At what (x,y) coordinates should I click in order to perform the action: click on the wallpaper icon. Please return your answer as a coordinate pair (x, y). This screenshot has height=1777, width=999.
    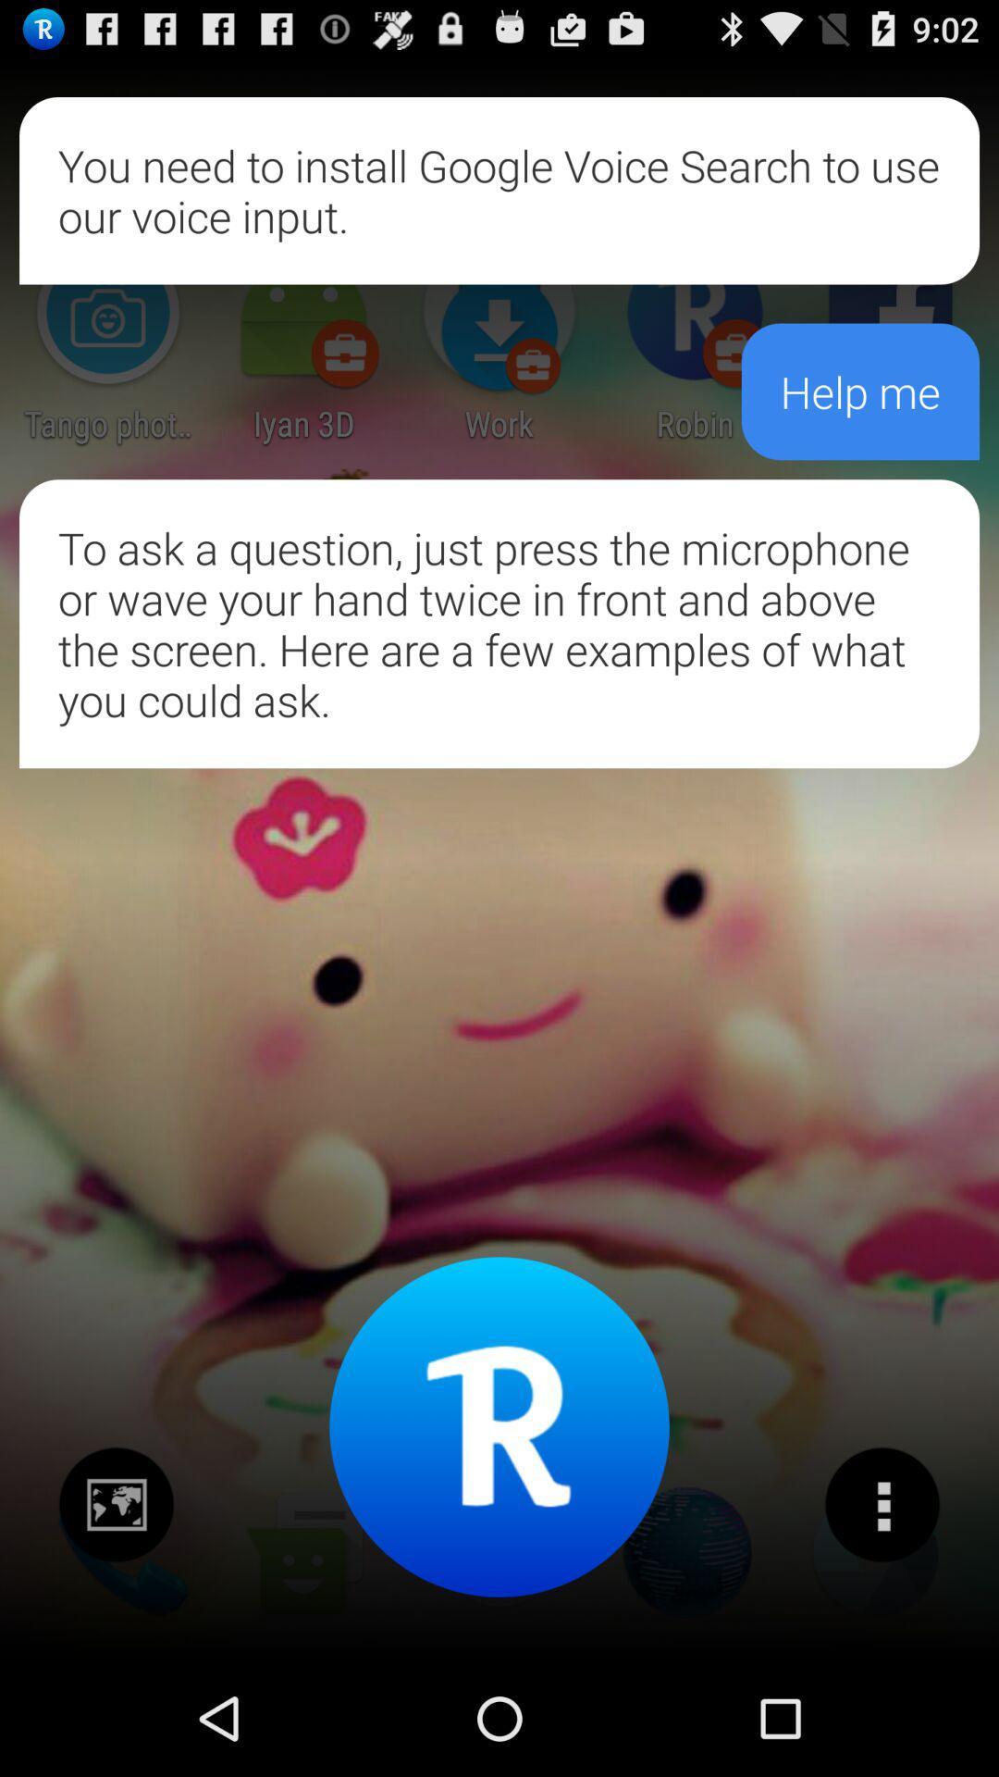
    Looking at the image, I should click on (117, 1609).